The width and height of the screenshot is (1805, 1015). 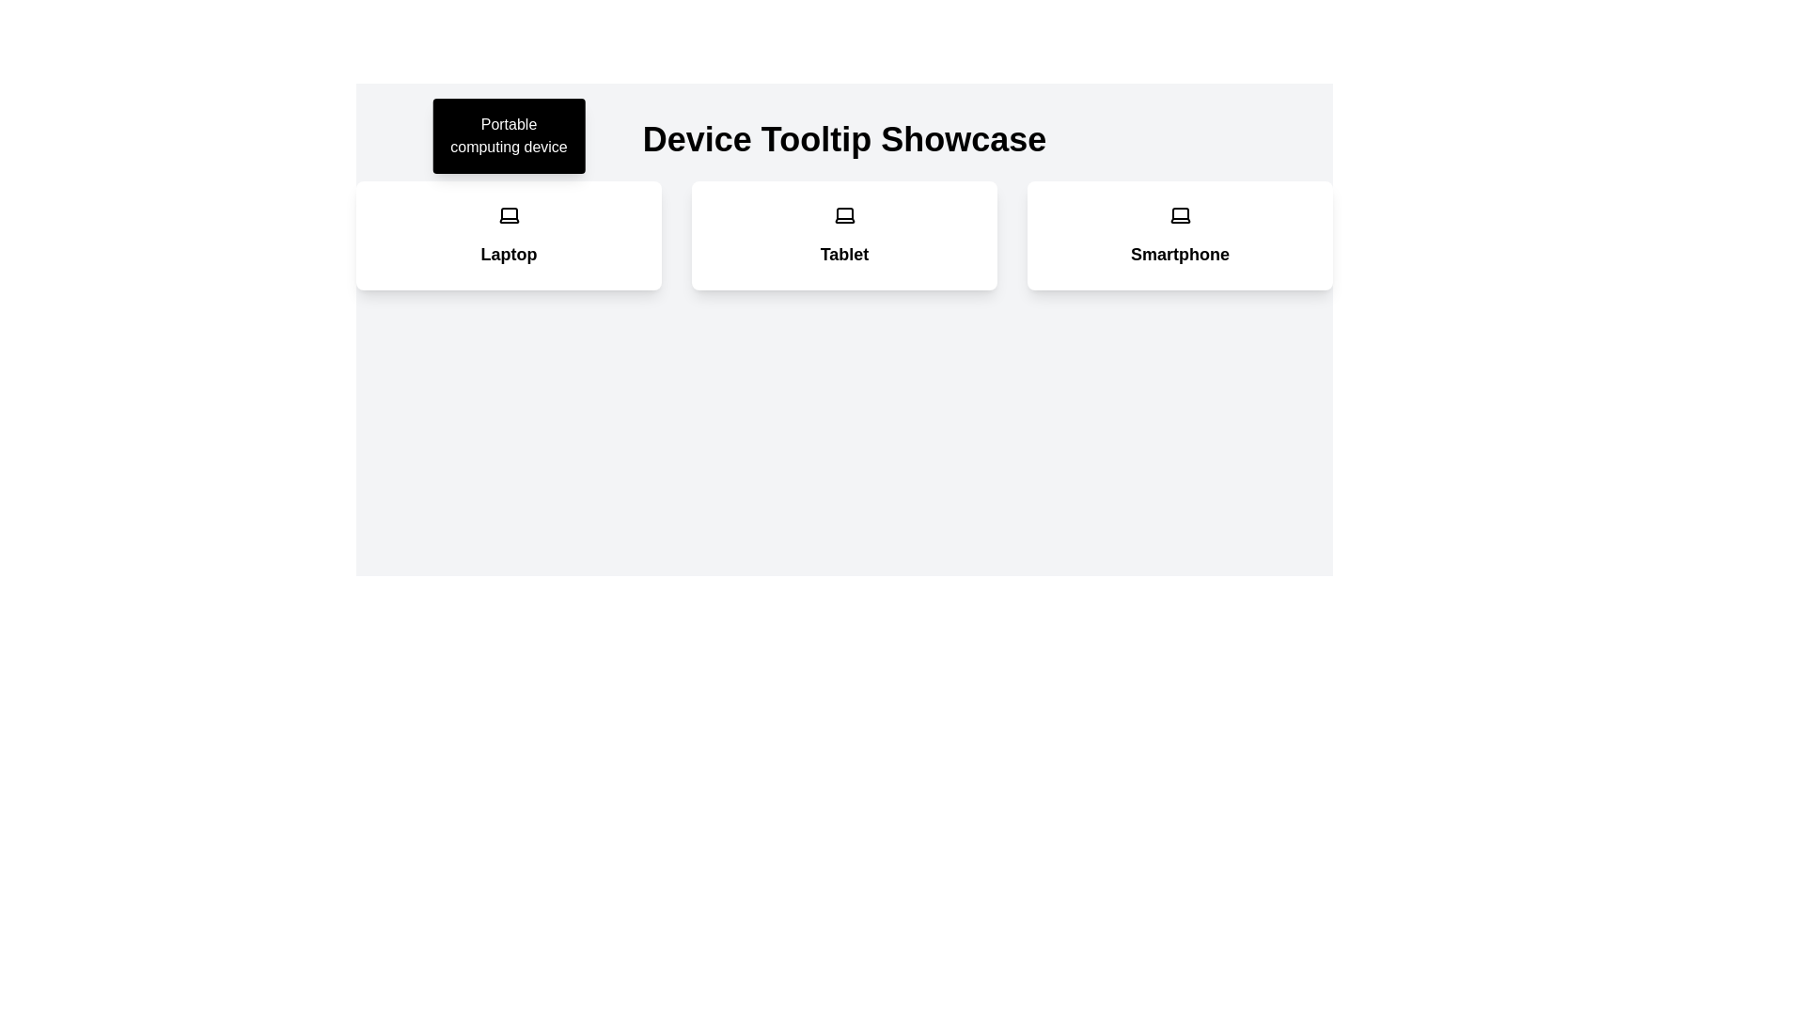 What do you see at coordinates (509, 213) in the screenshot?
I see `the minimalist line art laptop computer icon located in the leftmost card, which is directly above the label 'Laptop'` at bounding box center [509, 213].